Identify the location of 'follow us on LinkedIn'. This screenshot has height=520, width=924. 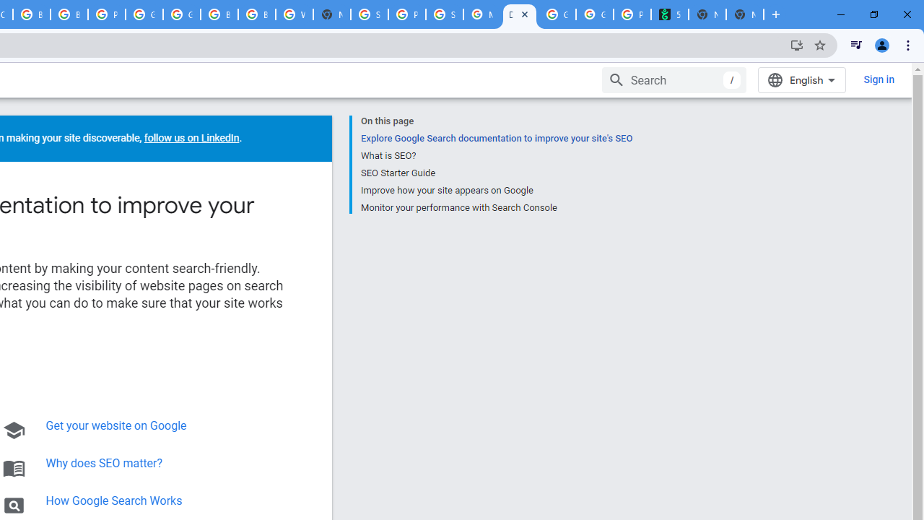
(190, 138).